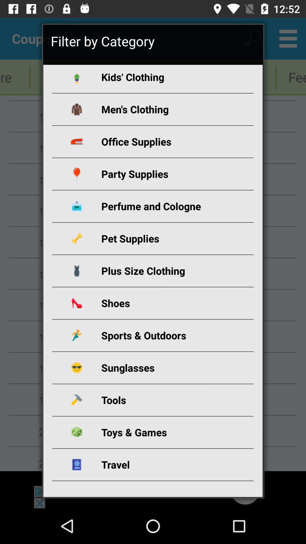  I want to click on app below the toys & games item, so click(160, 464).